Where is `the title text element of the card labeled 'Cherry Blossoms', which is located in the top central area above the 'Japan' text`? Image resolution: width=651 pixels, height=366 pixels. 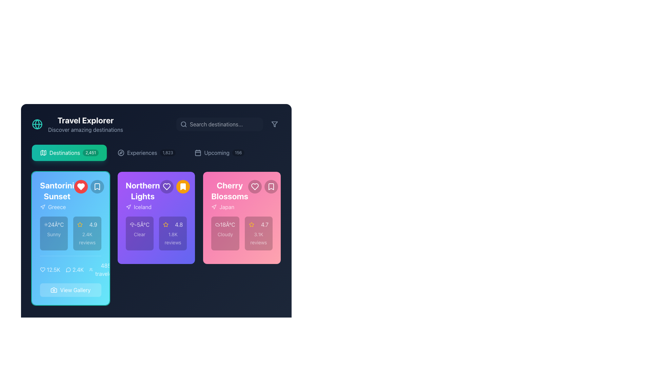
the title text element of the card labeled 'Cherry Blossoms', which is located in the top central area above the 'Japan' text is located at coordinates (230, 191).